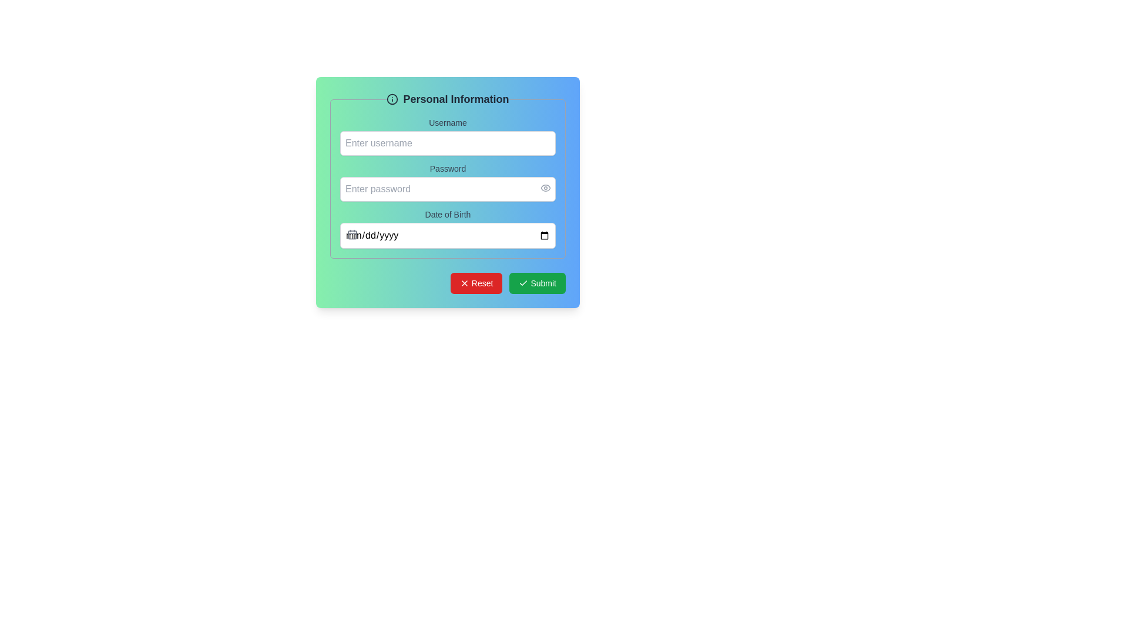 The width and height of the screenshot is (1128, 635). What do you see at coordinates (447, 188) in the screenshot?
I see `the Password input field to focus on it, which is styled with a gray border and rounded corners, located in the middle section of the form beneath the 'Username' field` at bounding box center [447, 188].